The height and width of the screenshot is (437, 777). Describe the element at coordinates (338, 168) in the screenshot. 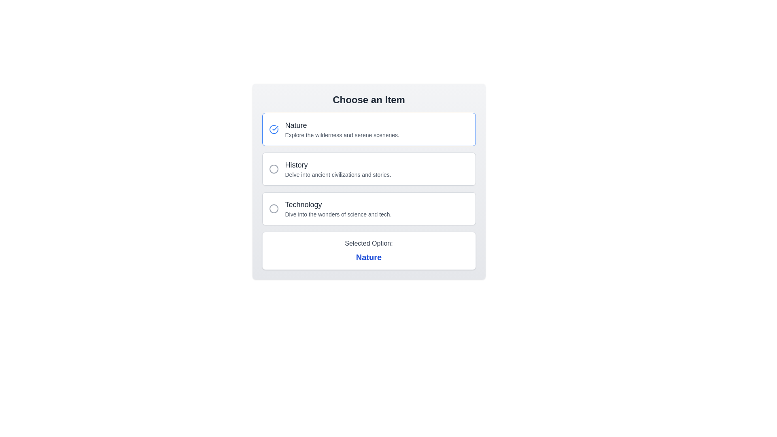

I see `the 'History' category button, which is the second item in a vertical list of options, positioned between 'Nature' and 'Technology'` at that location.